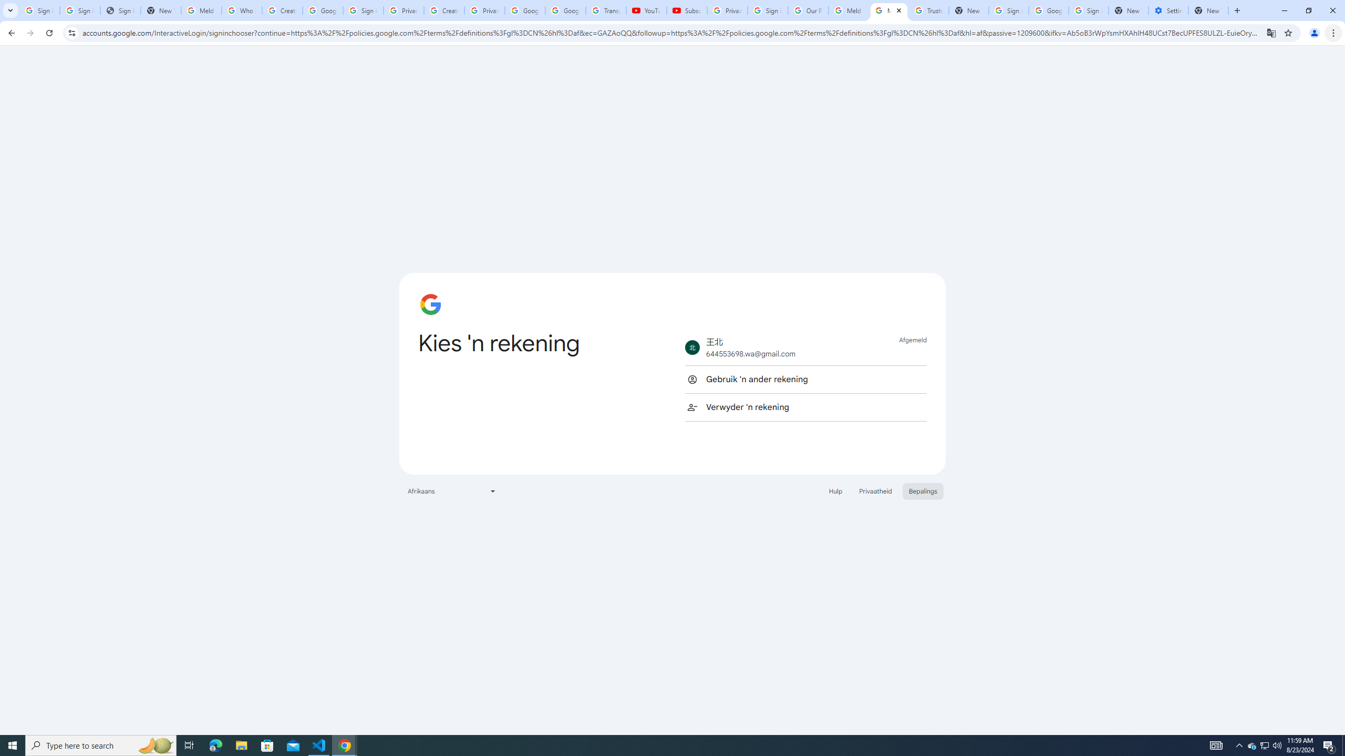 Image resolution: width=1345 pixels, height=756 pixels. Describe the element at coordinates (444, 10) in the screenshot. I see `'Create your Google Account'` at that location.